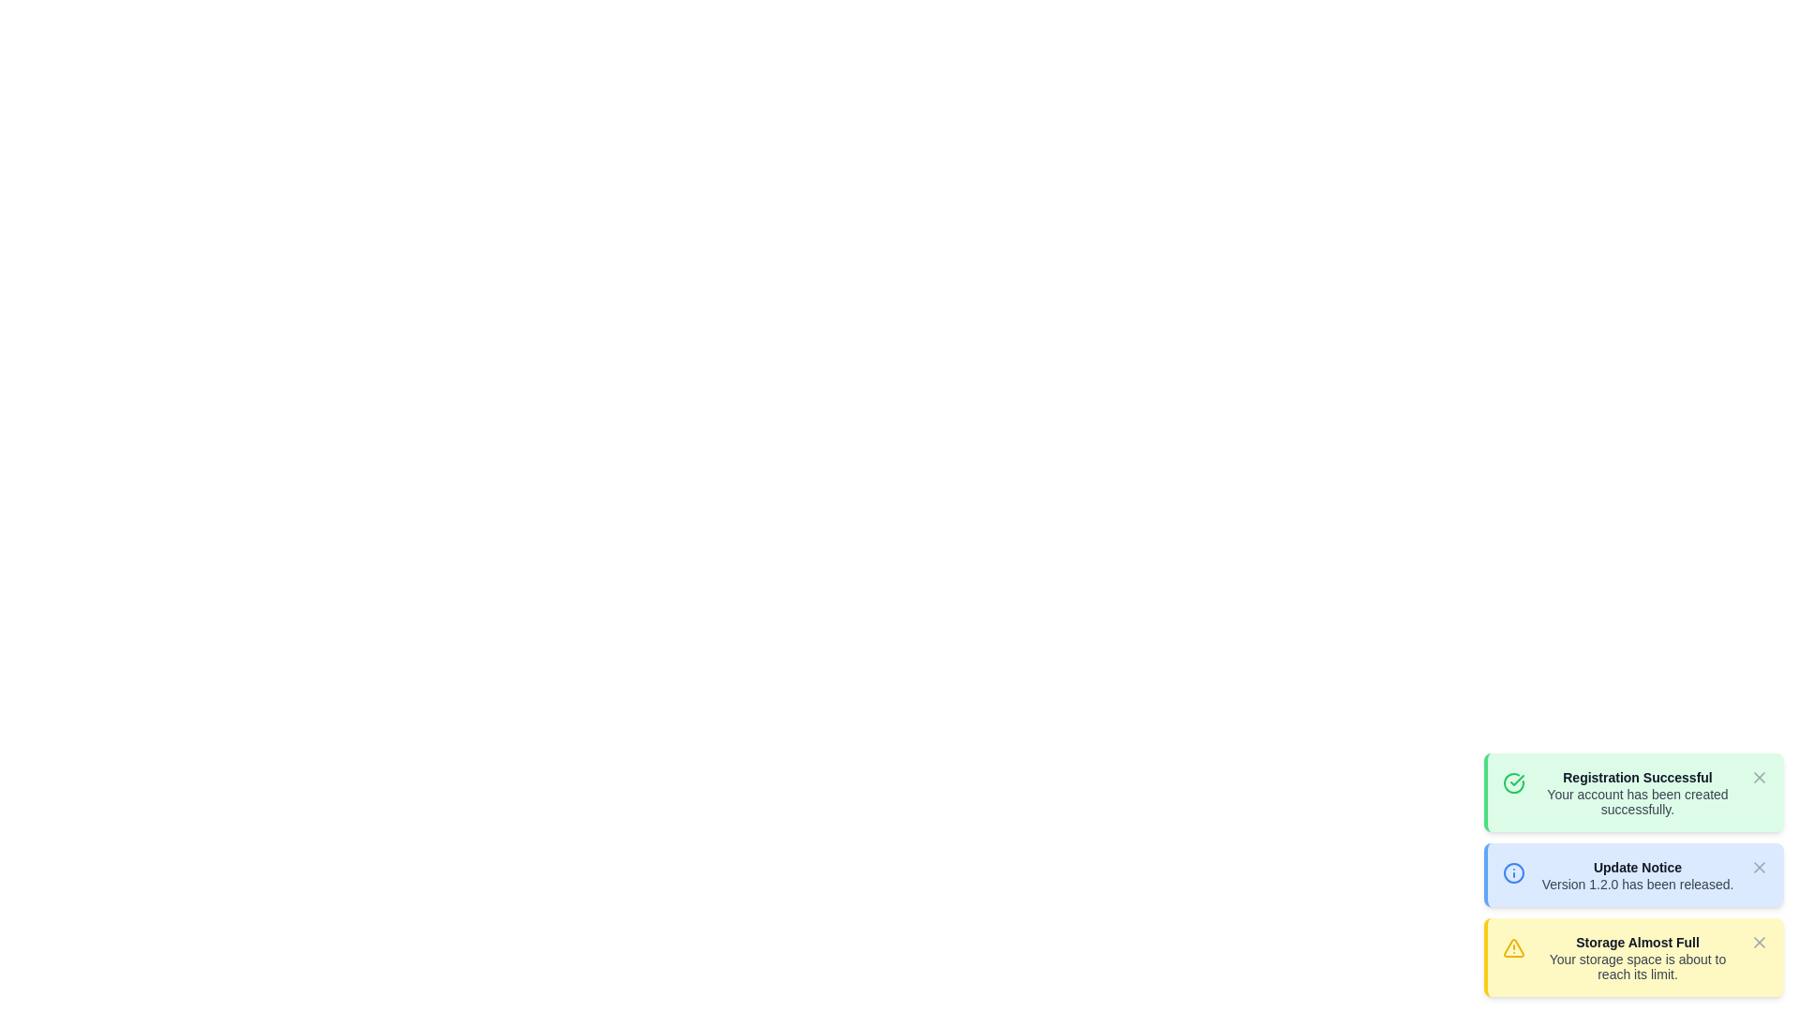 This screenshot has width=1799, height=1012. Describe the element at coordinates (1636, 867) in the screenshot. I see `text label 'Update Notice' located in the notification panel on the right side of the interface, which is styled with a light blue background` at that location.